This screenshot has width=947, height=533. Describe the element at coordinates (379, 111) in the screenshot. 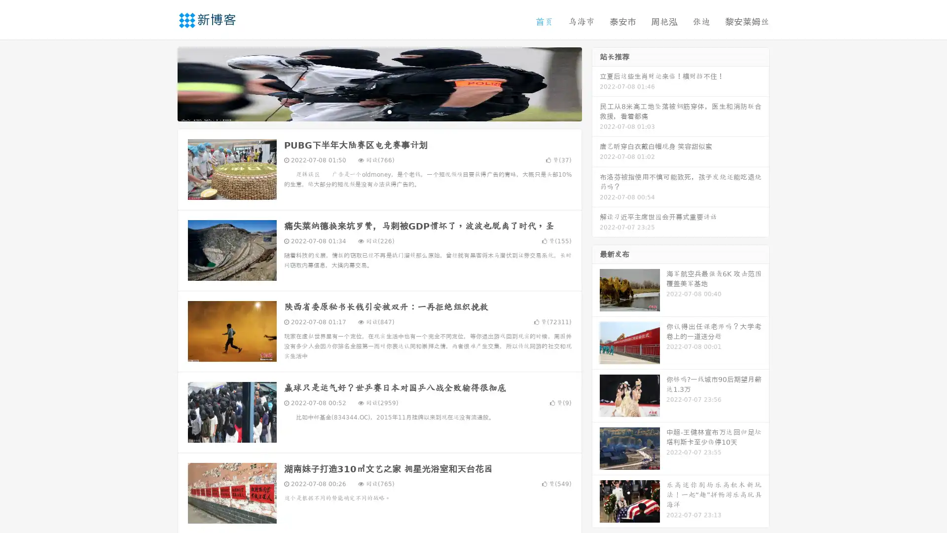

I see `Go to slide 2` at that location.